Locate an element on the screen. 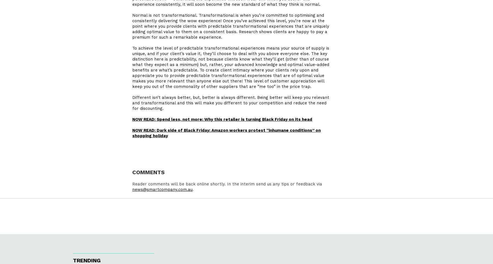 Image resolution: width=493 pixels, height=264 pixels. 'COMMENTS' is located at coordinates (132, 173).